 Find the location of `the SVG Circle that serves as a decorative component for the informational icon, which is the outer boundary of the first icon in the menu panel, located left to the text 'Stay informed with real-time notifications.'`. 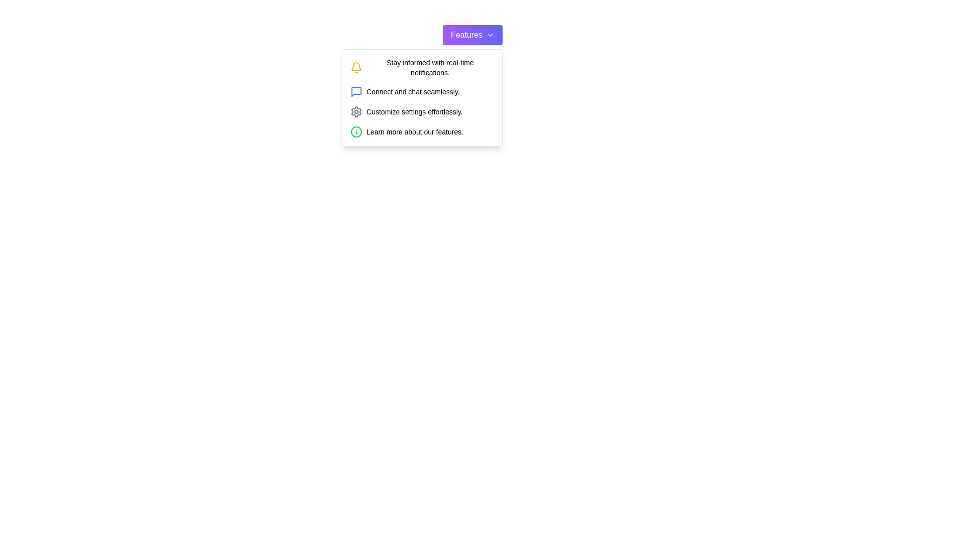

the SVG Circle that serves as a decorative component for the informational icon, which is the outer boundary of the first icon in the menu panel, located left to the text 'Stay informed with real-time notifications.' is located at coordinates (356, 131).